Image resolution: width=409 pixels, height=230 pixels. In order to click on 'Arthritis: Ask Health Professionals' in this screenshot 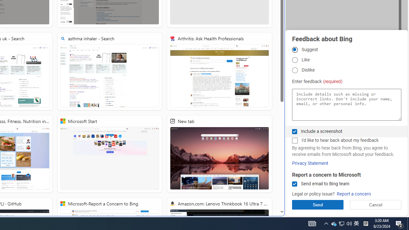, I will do `click(220, 71)`.